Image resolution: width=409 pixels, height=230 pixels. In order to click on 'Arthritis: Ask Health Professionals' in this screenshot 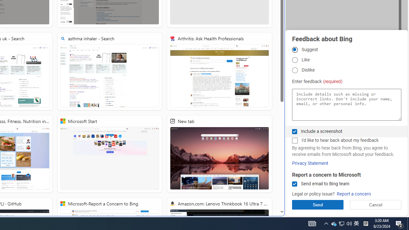, I will do `click(220, 71)`.